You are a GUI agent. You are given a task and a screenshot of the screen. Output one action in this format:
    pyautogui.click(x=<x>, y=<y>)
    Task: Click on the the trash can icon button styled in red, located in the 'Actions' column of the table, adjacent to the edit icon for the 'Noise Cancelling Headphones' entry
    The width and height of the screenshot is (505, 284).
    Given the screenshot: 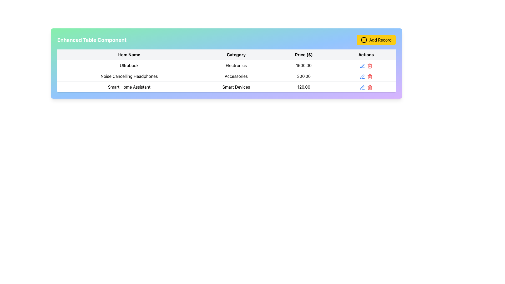 What is the action you would take?
    pyautogui.click(x=369, y=77)
    